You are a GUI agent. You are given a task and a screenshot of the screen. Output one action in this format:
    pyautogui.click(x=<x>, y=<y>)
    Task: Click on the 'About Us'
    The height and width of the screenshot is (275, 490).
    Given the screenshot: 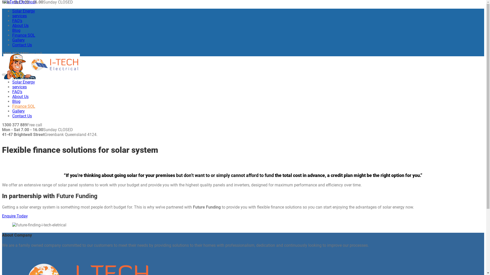 What is the action you would take?
    pyautogui.click(x=20, y=97)
    